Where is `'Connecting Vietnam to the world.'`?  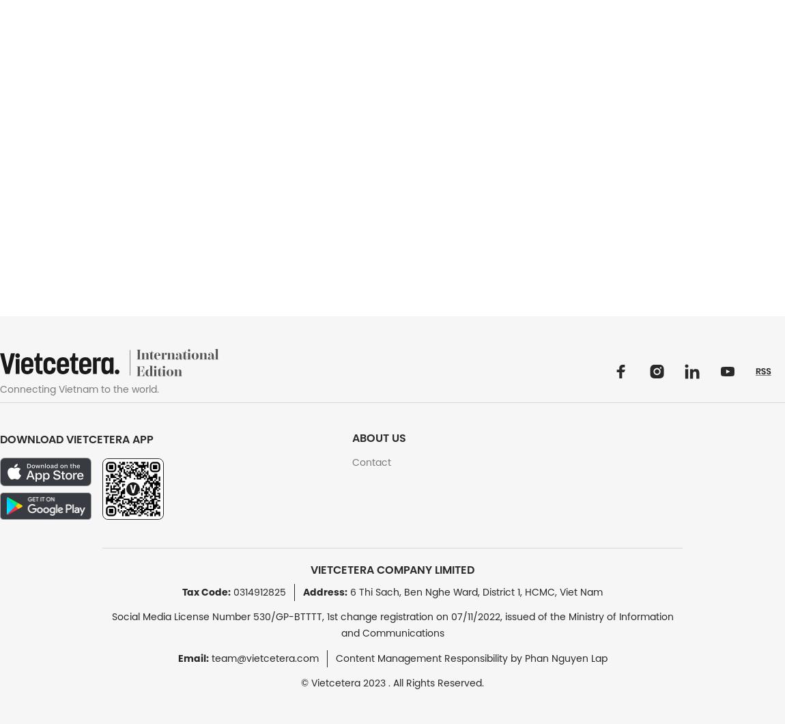 'Connecting Vietnam to the world.' is located at coordinates (0, 389).